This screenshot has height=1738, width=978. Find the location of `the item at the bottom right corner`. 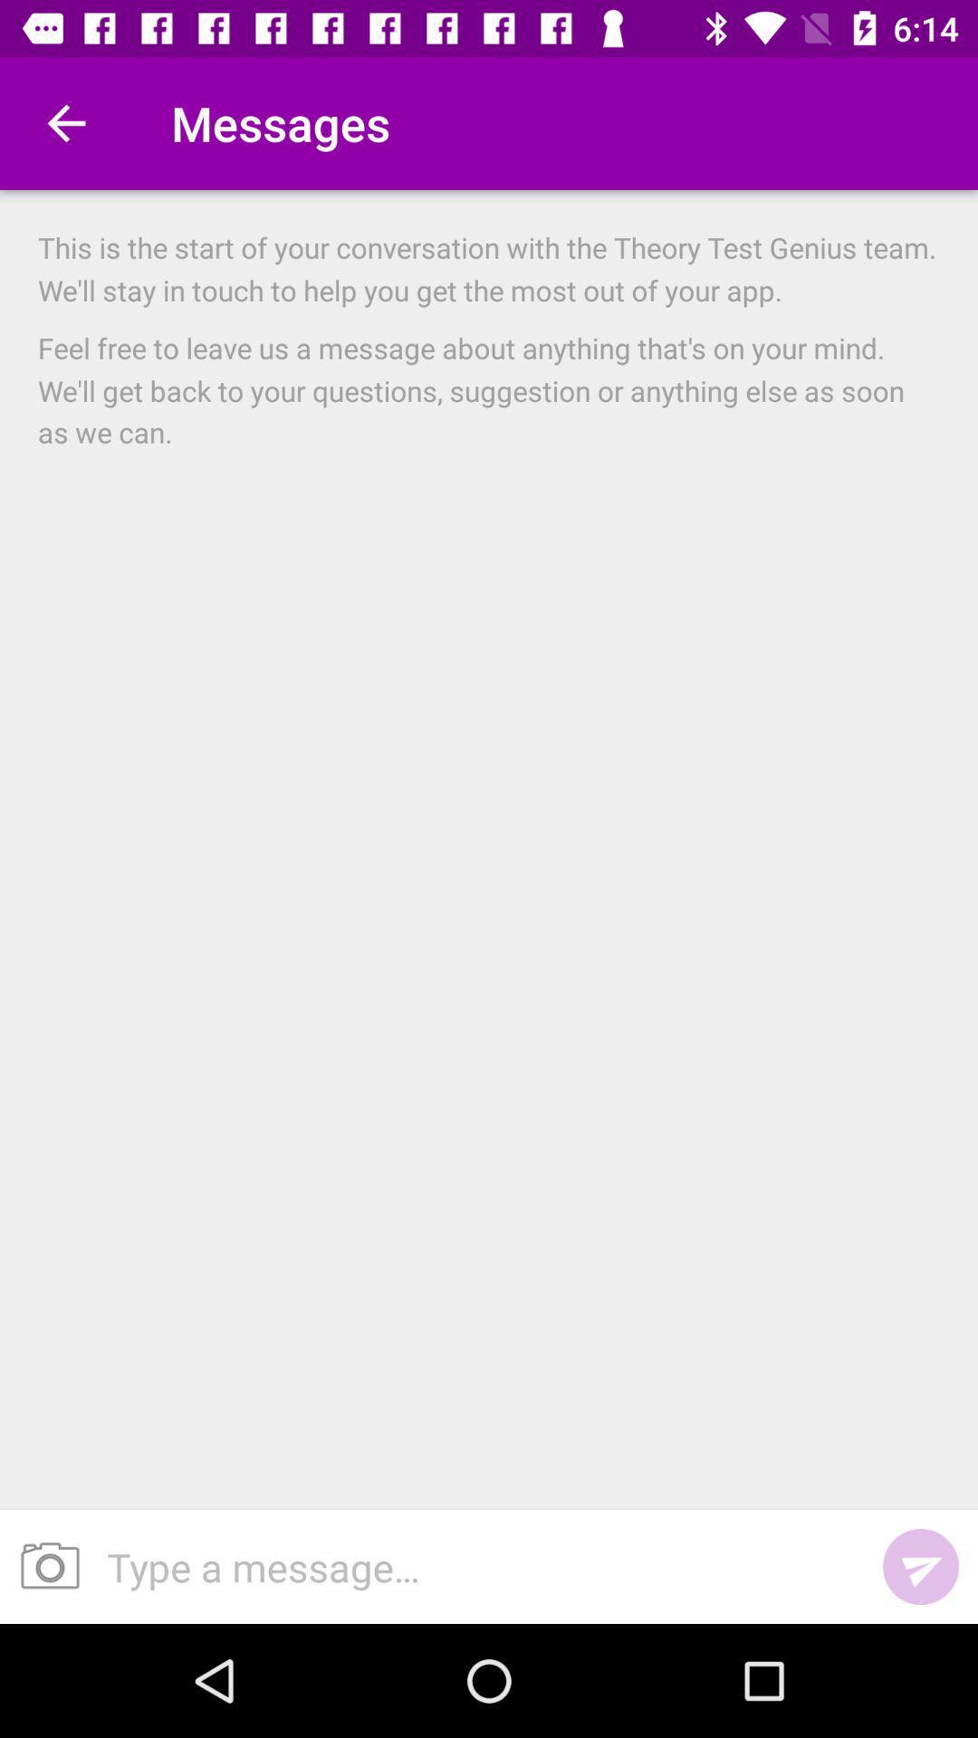

the item at the bottom right corner is located at coordinates (921, 1566).